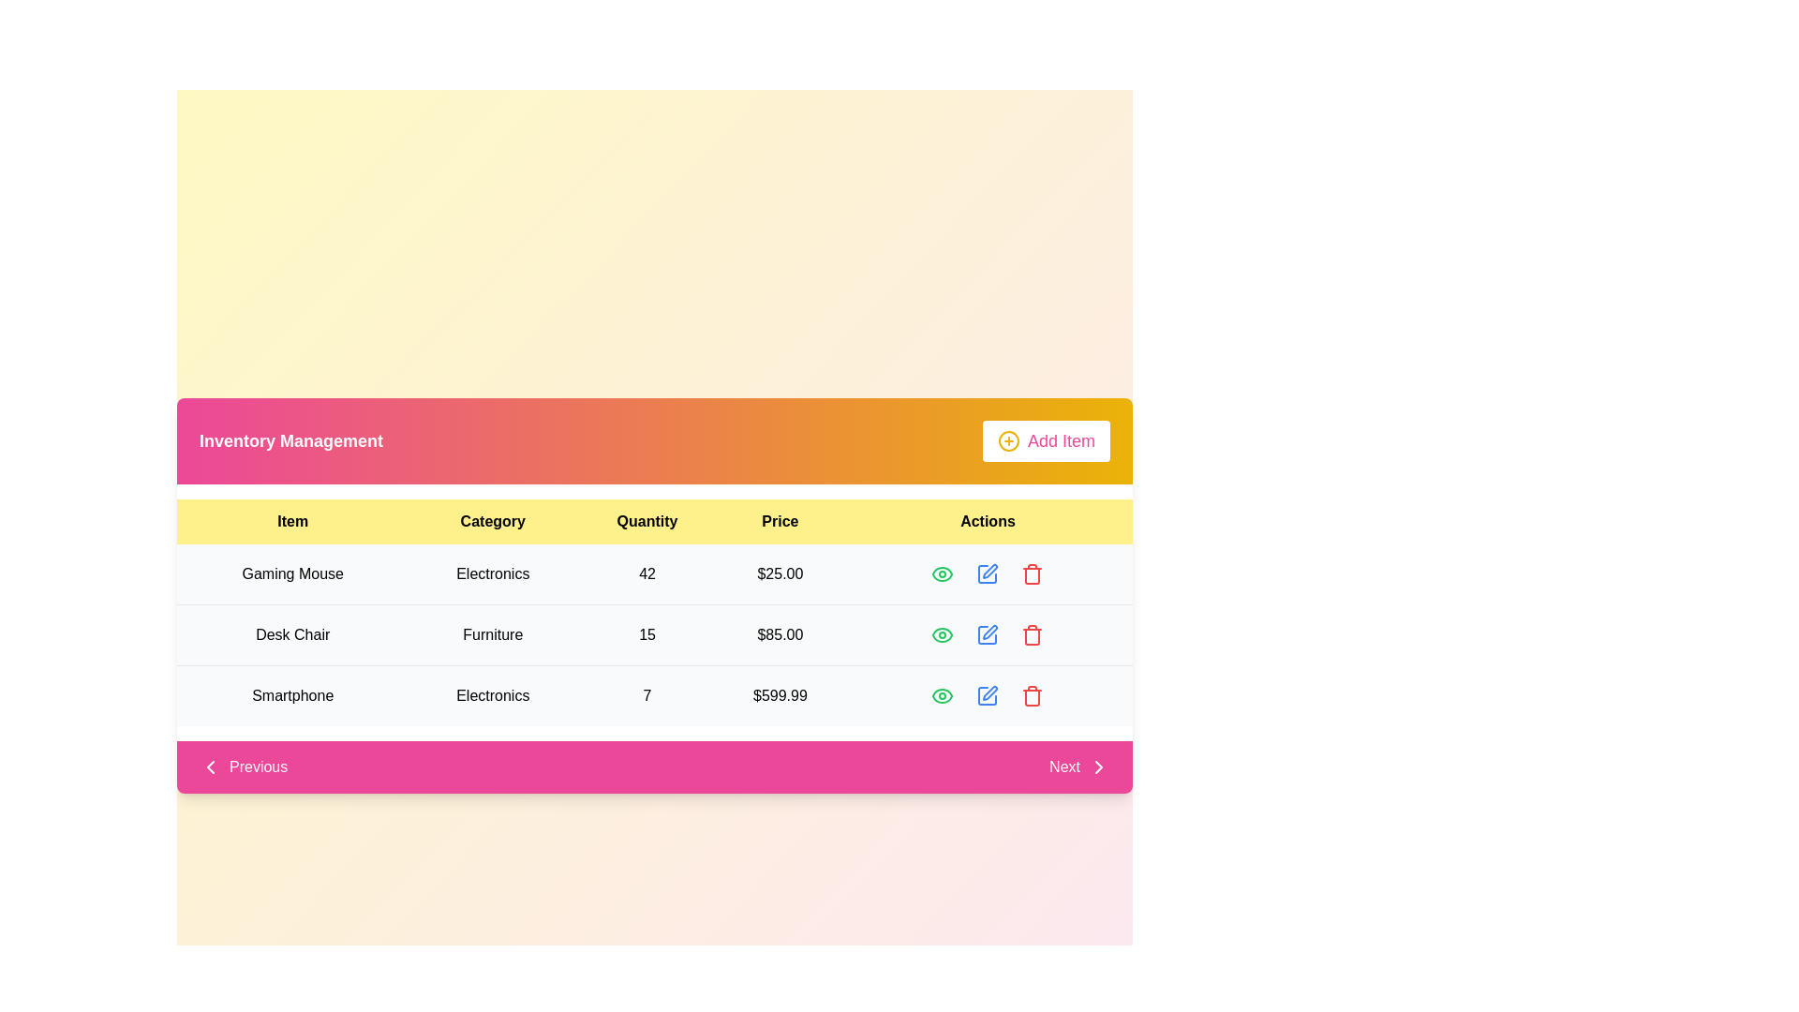 The width and height of the screenshot is (1799, 1012). Describe the element at coordinates (989, 632) in the screenshot. I see `the edit icon button corresponding to the 'Desk Chair' in the 'Actions' column` at that location.